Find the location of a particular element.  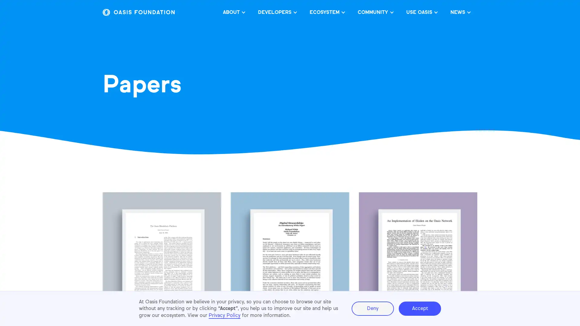

Accept is located at coordinates (420, 308).